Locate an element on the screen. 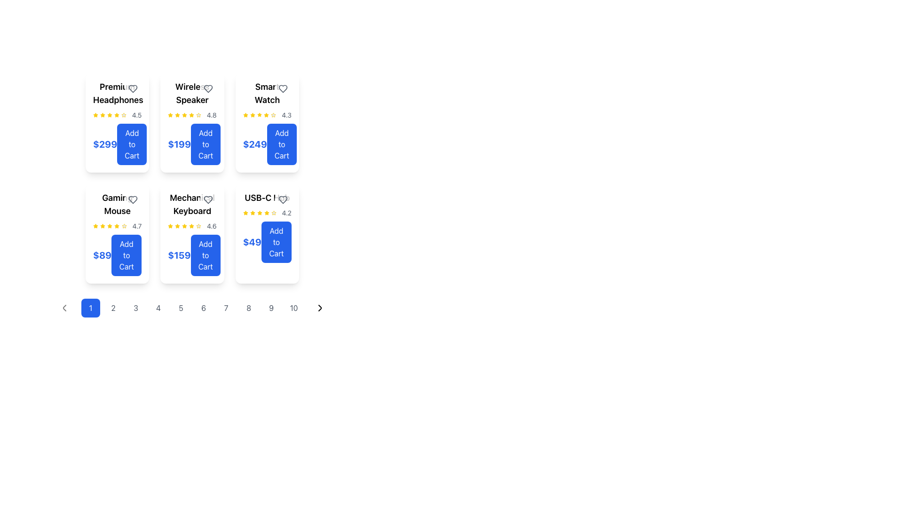 Image resolution: width=903 pixels, height=508 pixels. the yellow five-pointed star icon in the 'Gaming Mouse' product card, which is part of the rating system located above the price and below the product name is located at coordinates (95, 226).